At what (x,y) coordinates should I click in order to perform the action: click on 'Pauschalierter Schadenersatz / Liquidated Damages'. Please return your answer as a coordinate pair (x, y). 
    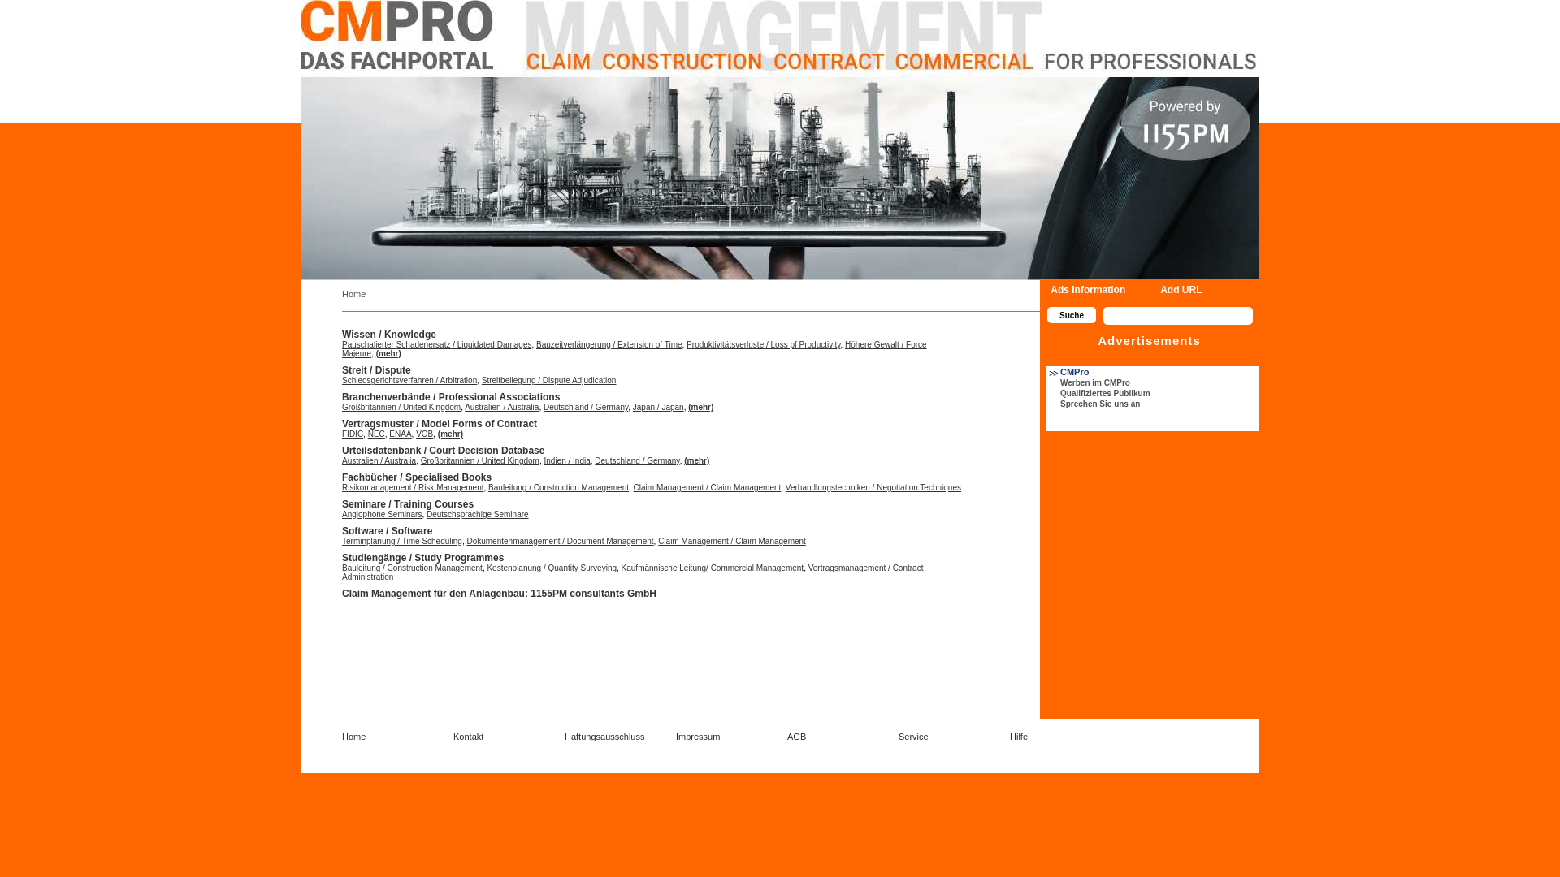
    Looking at the image, I should click on (436, 343).